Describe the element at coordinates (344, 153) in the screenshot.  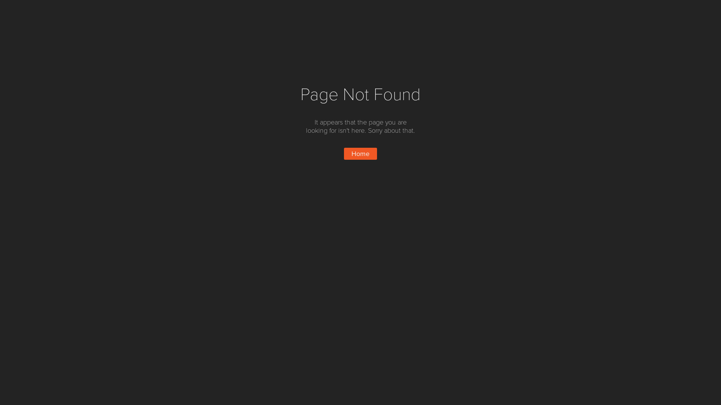
I see `'Home'` at that location.